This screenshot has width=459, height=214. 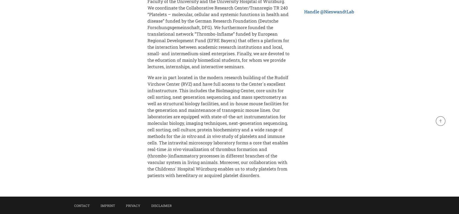 What do you see at coordinates (201, 136) in the screenshot?
I see `'and'` at bounding box center [201, 136].